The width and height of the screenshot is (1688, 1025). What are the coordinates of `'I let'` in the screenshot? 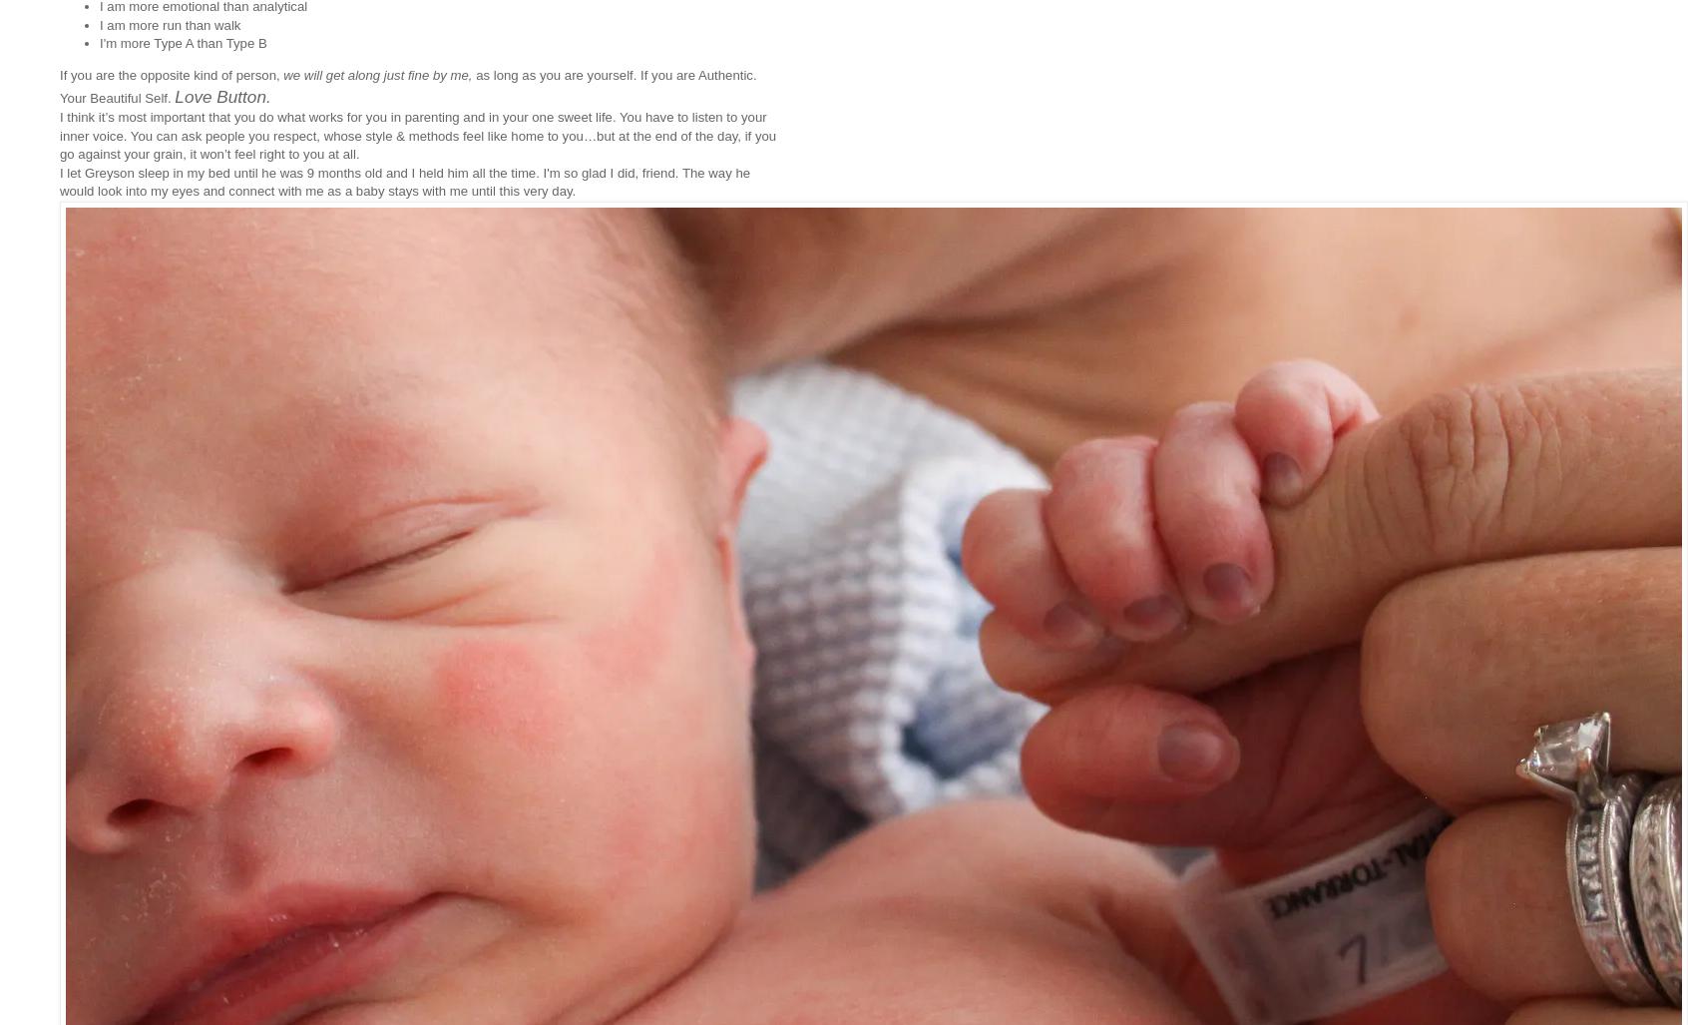 It's located at (72, 171).